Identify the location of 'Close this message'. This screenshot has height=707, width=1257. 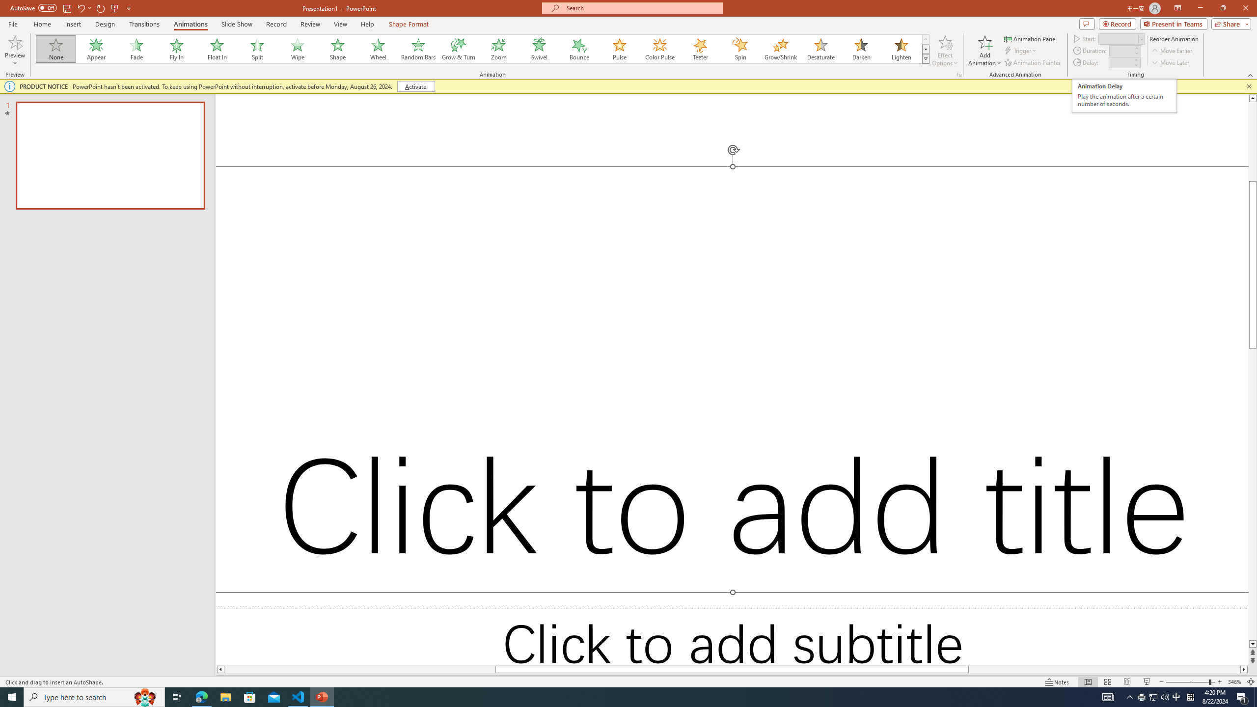
(1249, 86).